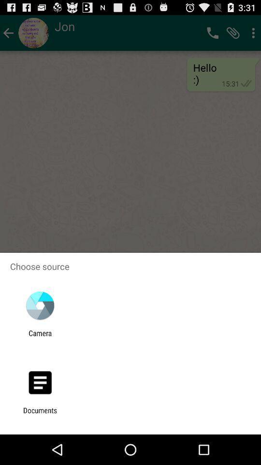 The width and height of the screenshot is (261, 465). Describe the element at coordinates (40, 414) in the screenshot. I see `documents` at that location.